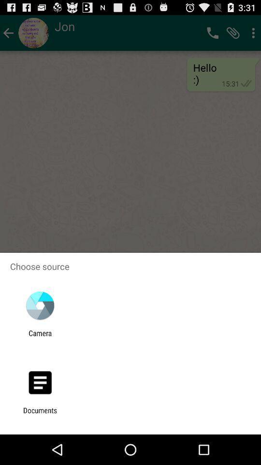 The width and height of the screenshot is (261, 465). Describe the element at coordinates (40, 414) in the screenshot. I see `documents` at that location.